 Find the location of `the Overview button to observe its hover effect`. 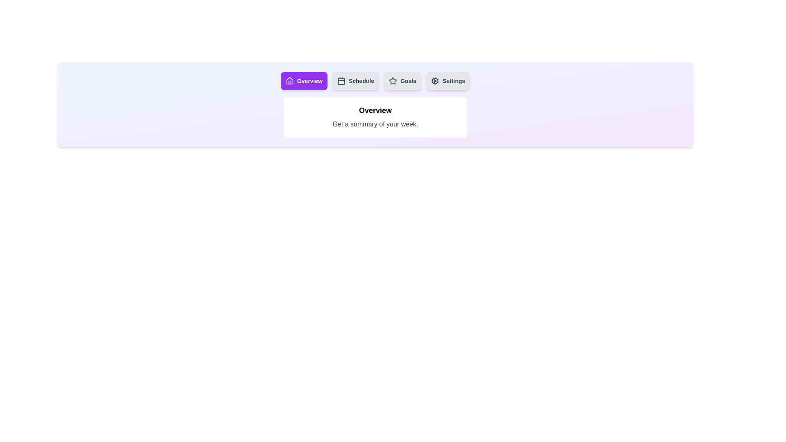

the Overview button to observe its hover effect is located at coordinates (303, 81).